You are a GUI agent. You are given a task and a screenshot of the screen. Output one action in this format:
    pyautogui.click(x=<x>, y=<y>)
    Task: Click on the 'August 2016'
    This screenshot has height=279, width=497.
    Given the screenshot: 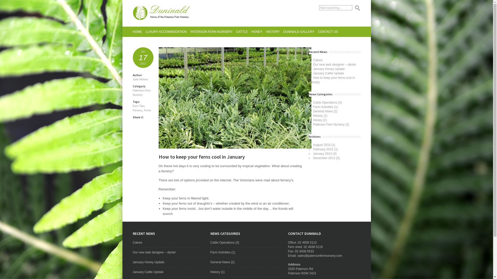 What is the action you would take?
    pyautogui.click(x=313, y=145)
    